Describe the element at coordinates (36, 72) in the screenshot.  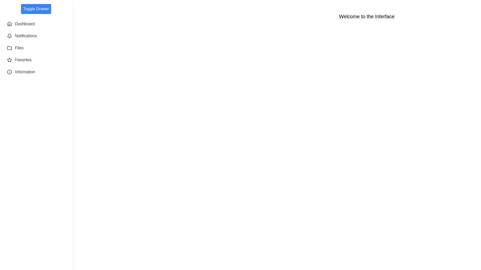
I see `the menu option labeled Information from the sidebar` at that location.